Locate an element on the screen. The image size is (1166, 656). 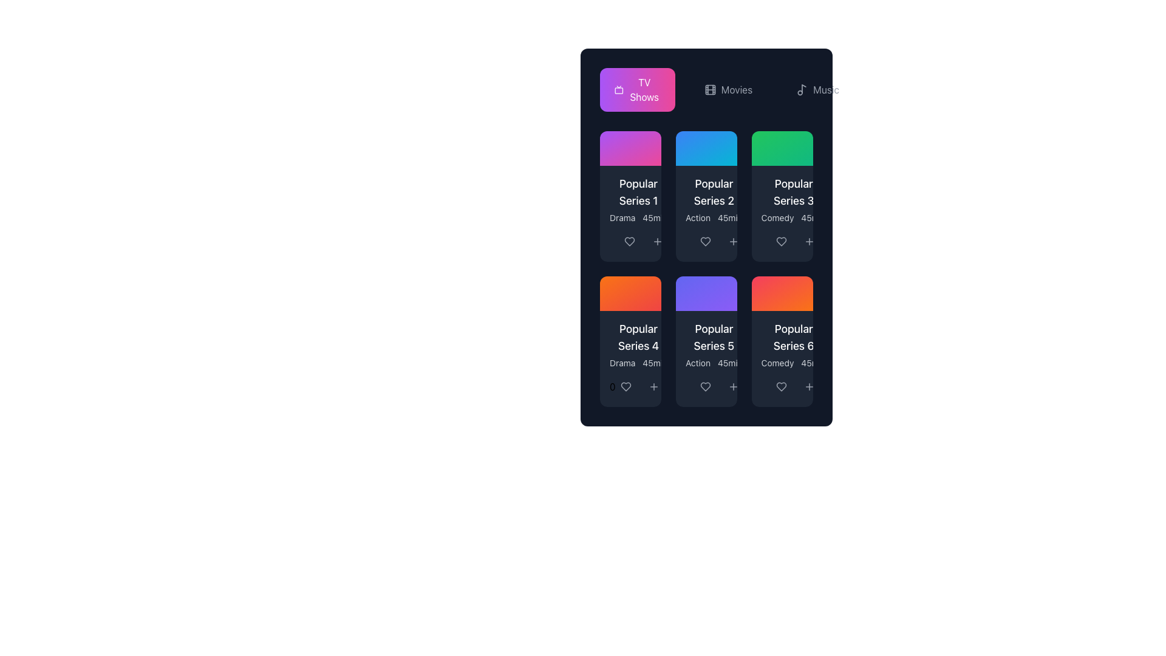
the plus button, which is a circular button with a plus sign, located in the bottom section of the 'Popular Series 4' card is located at coordinates (653, 386).